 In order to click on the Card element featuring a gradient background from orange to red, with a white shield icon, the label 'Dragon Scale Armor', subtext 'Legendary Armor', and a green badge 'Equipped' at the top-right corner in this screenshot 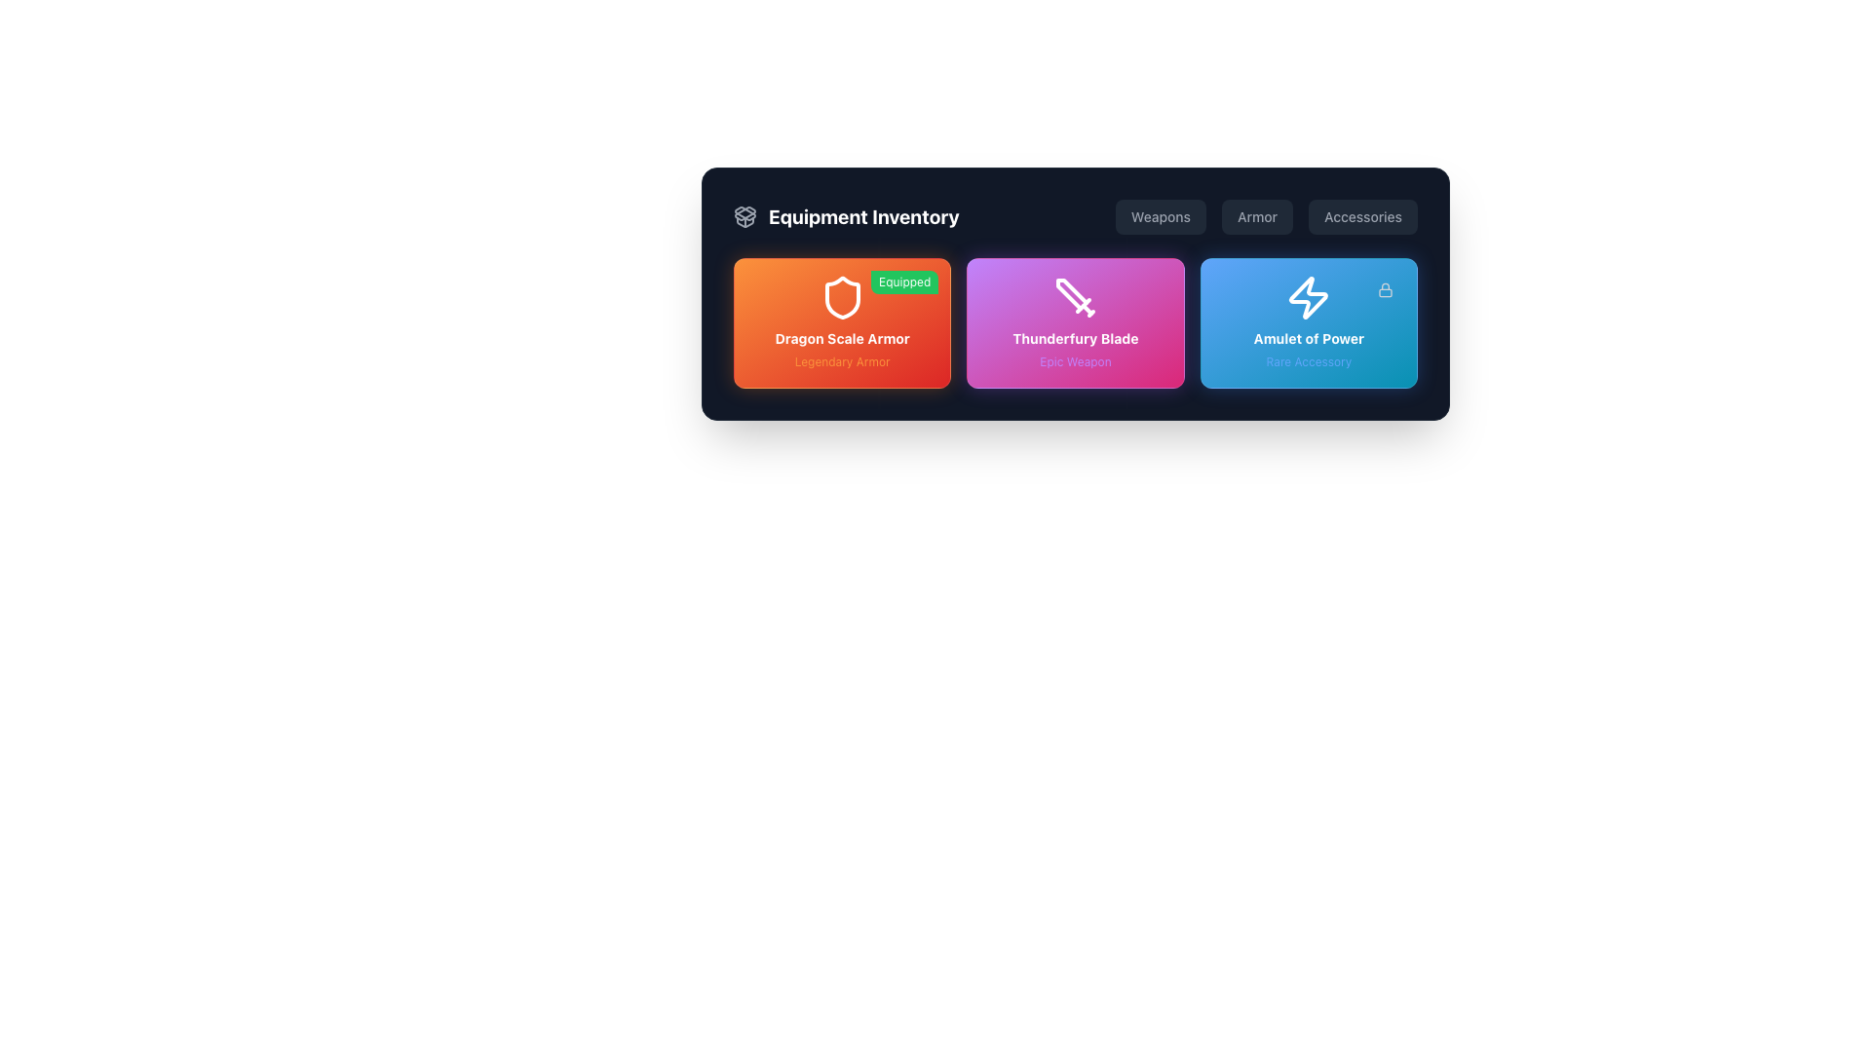, I will do `click(842, 321)`.